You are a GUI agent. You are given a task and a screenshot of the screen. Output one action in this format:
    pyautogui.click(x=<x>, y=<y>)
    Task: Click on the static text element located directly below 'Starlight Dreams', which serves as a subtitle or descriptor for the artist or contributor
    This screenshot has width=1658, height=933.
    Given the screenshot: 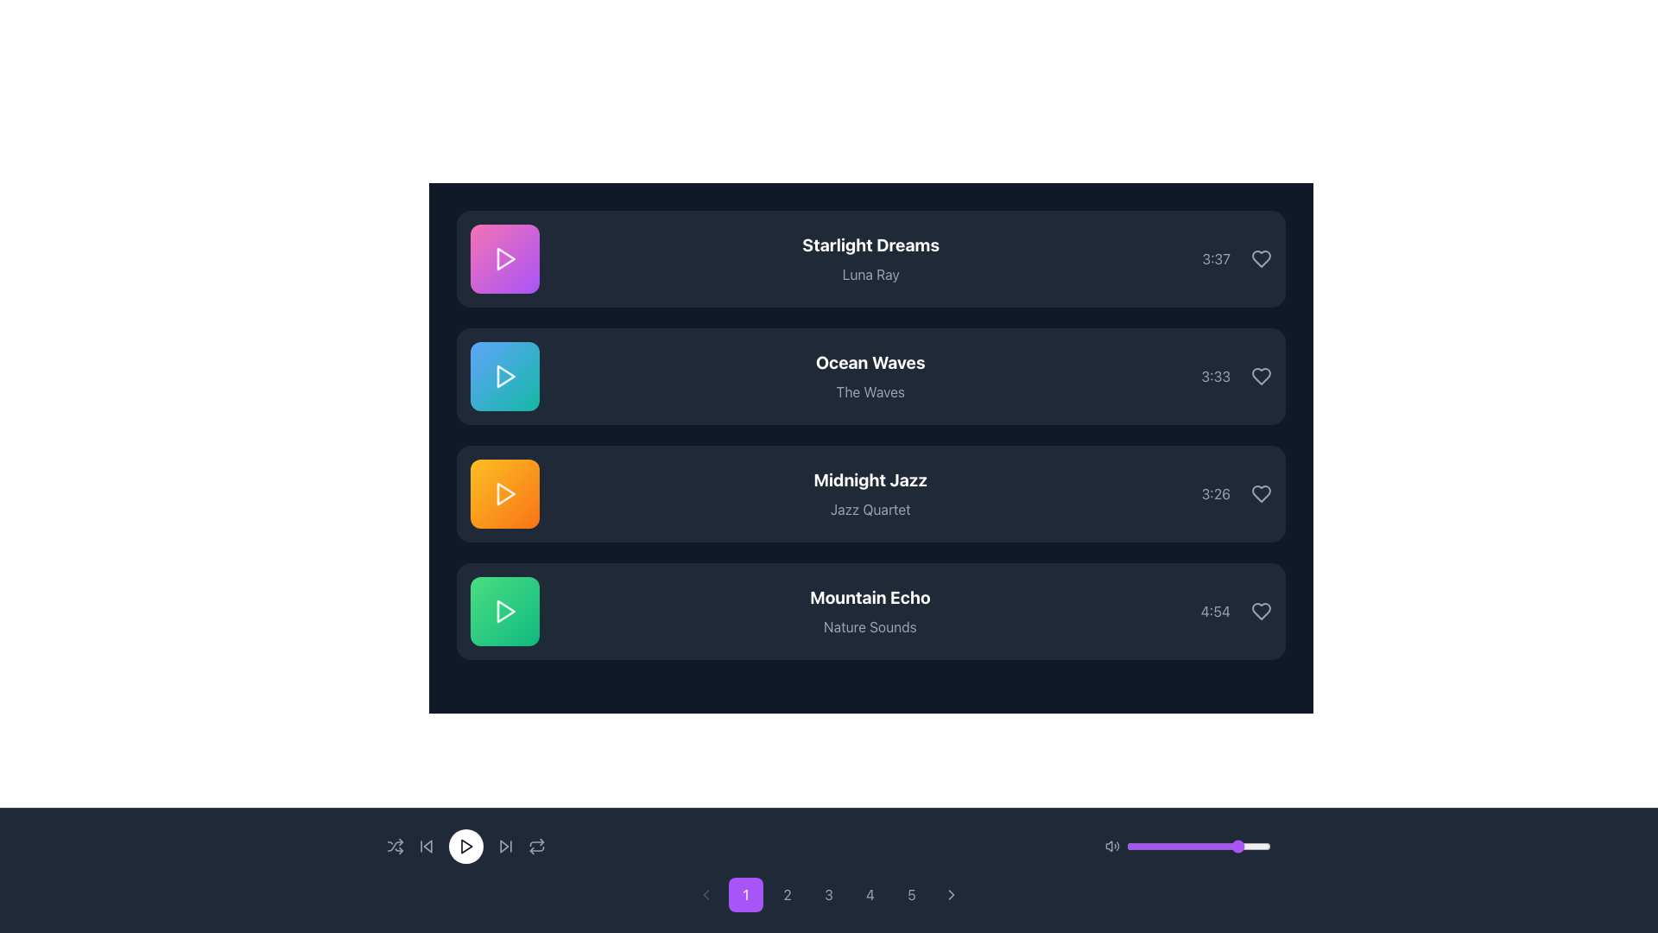 What is the action you would take?
    pyautogui.click(x=870, y=273)
    